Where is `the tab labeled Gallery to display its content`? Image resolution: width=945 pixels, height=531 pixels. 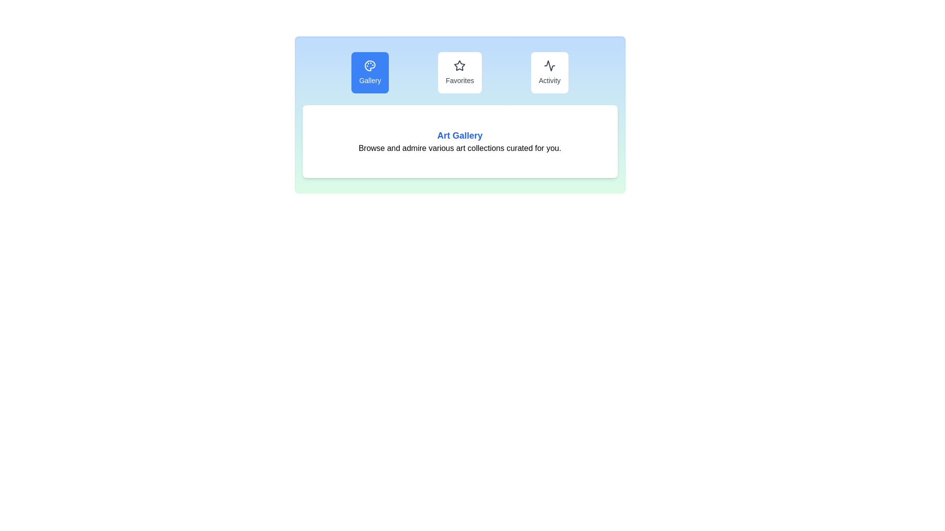
the tab labeled Gallery to display its content is located at coordinates (370, 72).